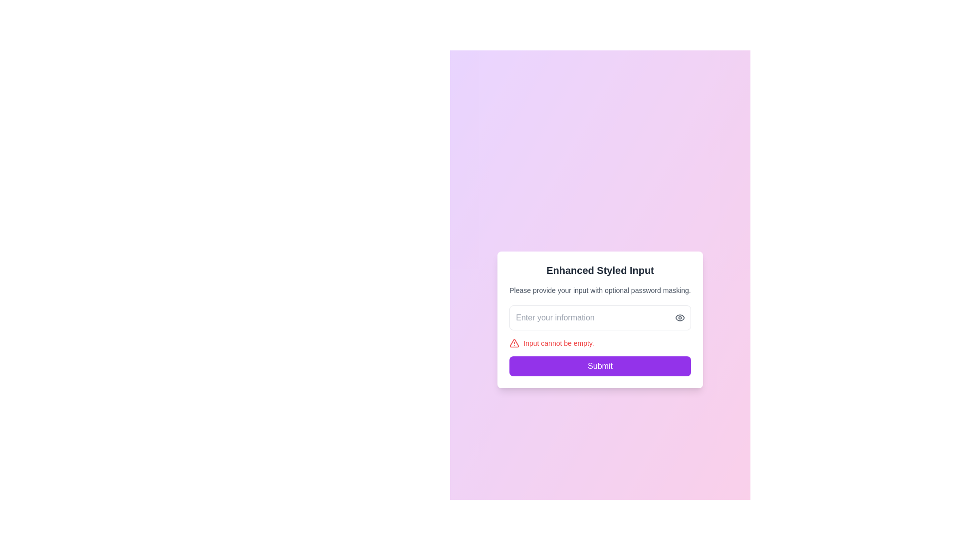  Describe the element at coordinates (679, 317) in the screenshot. I see `the toggle icon located at the extreme right inside the password input field` at that location.